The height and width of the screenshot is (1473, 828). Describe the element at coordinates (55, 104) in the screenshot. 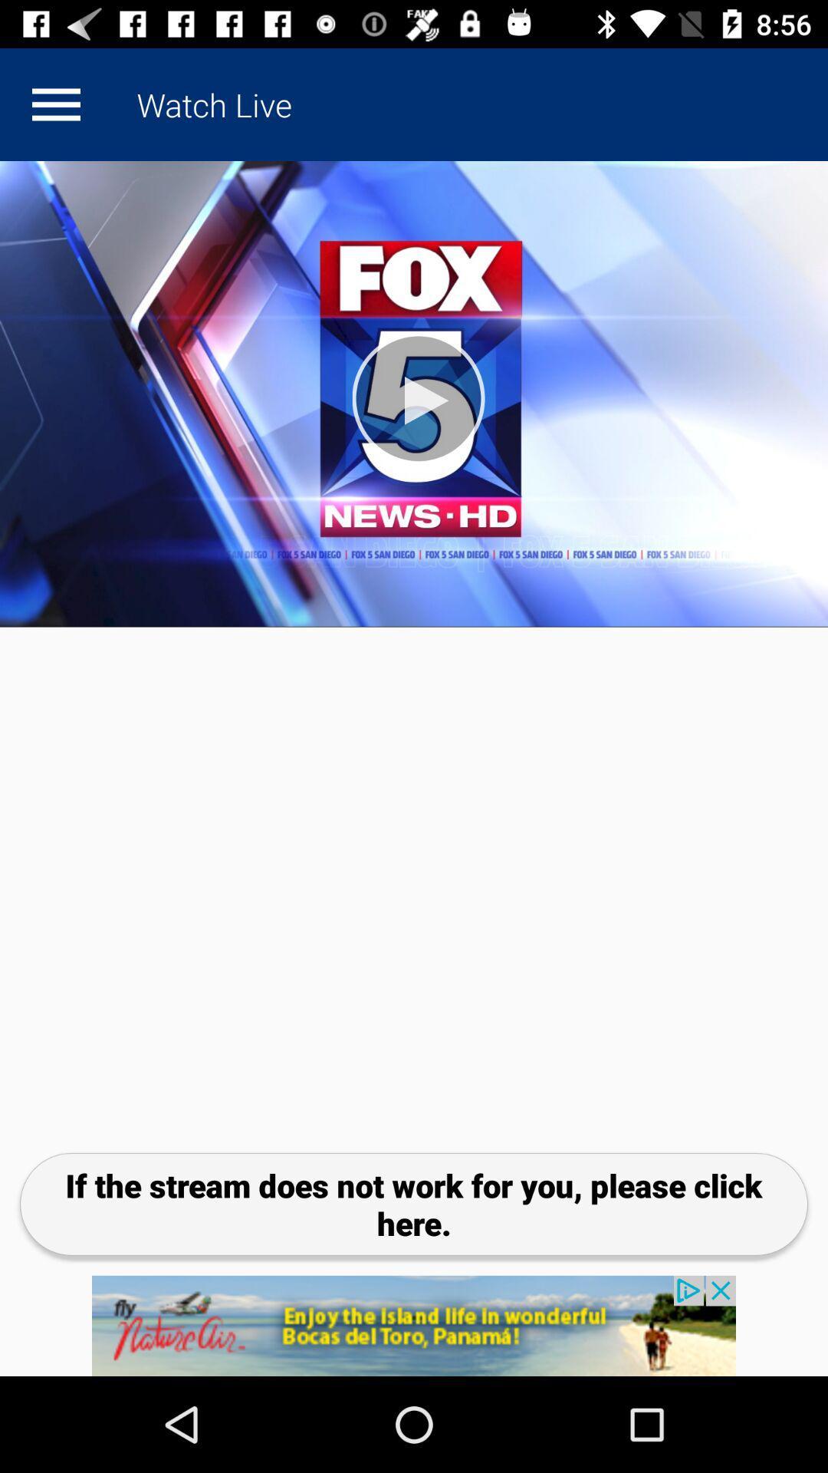

I see `main meanu` at that location.